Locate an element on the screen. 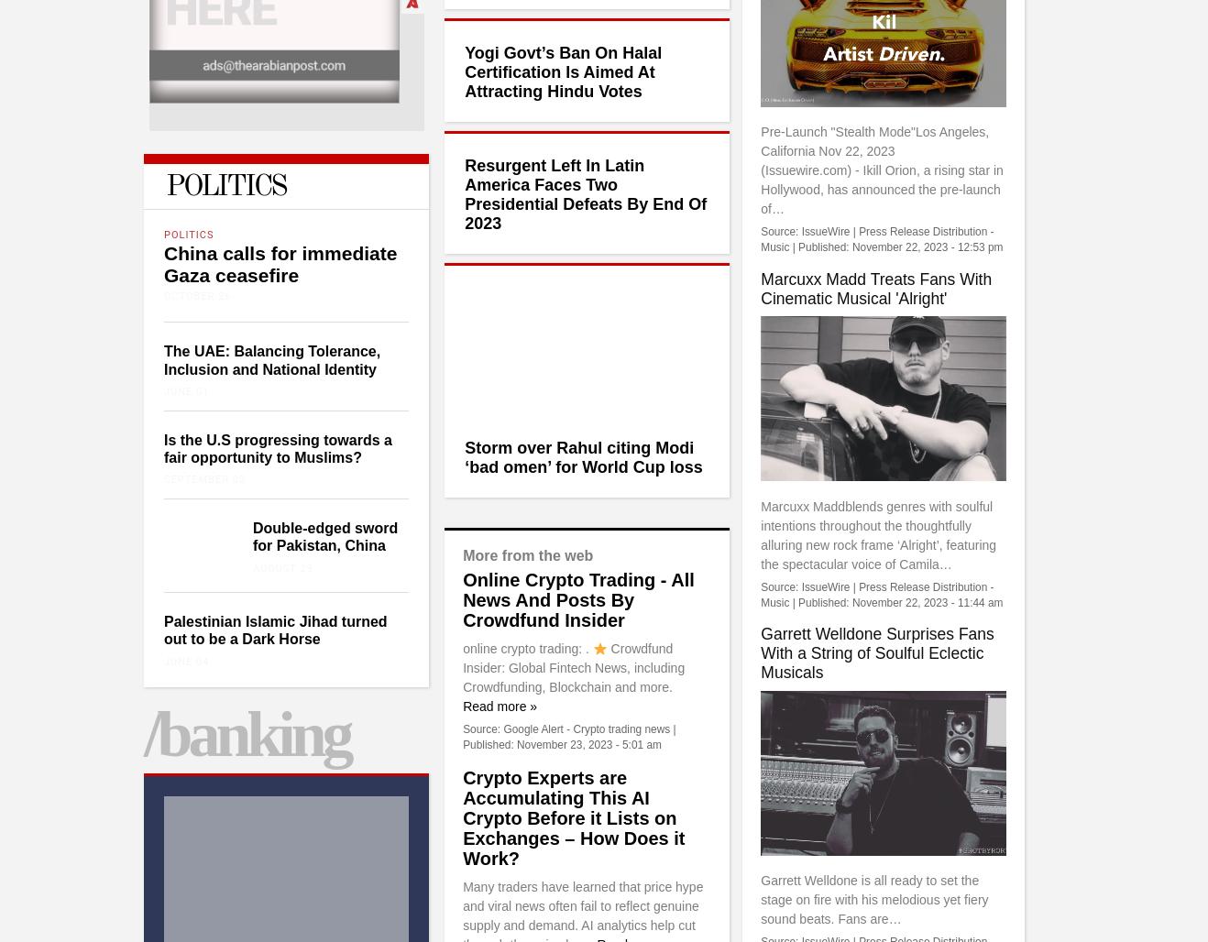 This screenshot has width=1208, height=942. 'Garrett Welldone Surprises Fans With a String of Soulful Eclectic Musicals' is located at coordinates (759, 652).